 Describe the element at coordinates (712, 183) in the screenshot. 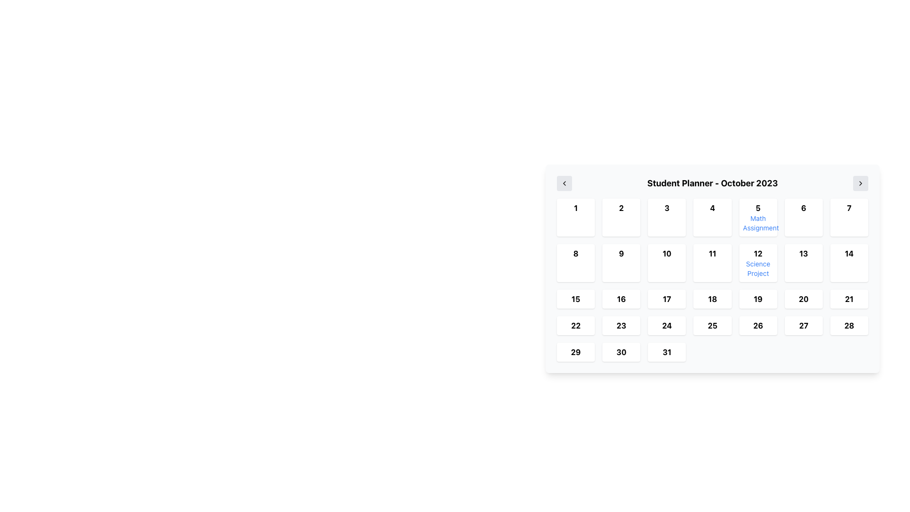

I see `text displayed in the calendar header indicating the planner's name and the current month and year` at that location.